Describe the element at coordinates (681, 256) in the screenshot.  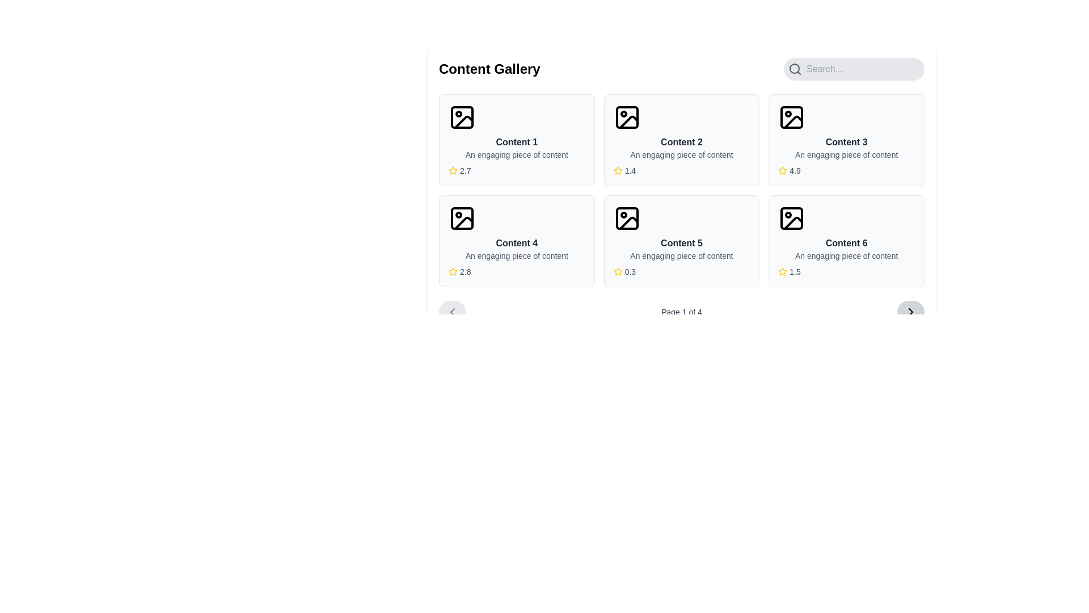
I see `the text snippet reading 'An engaging piece of content' located within the fifth content card, below the title 'Content 5'` at that location.